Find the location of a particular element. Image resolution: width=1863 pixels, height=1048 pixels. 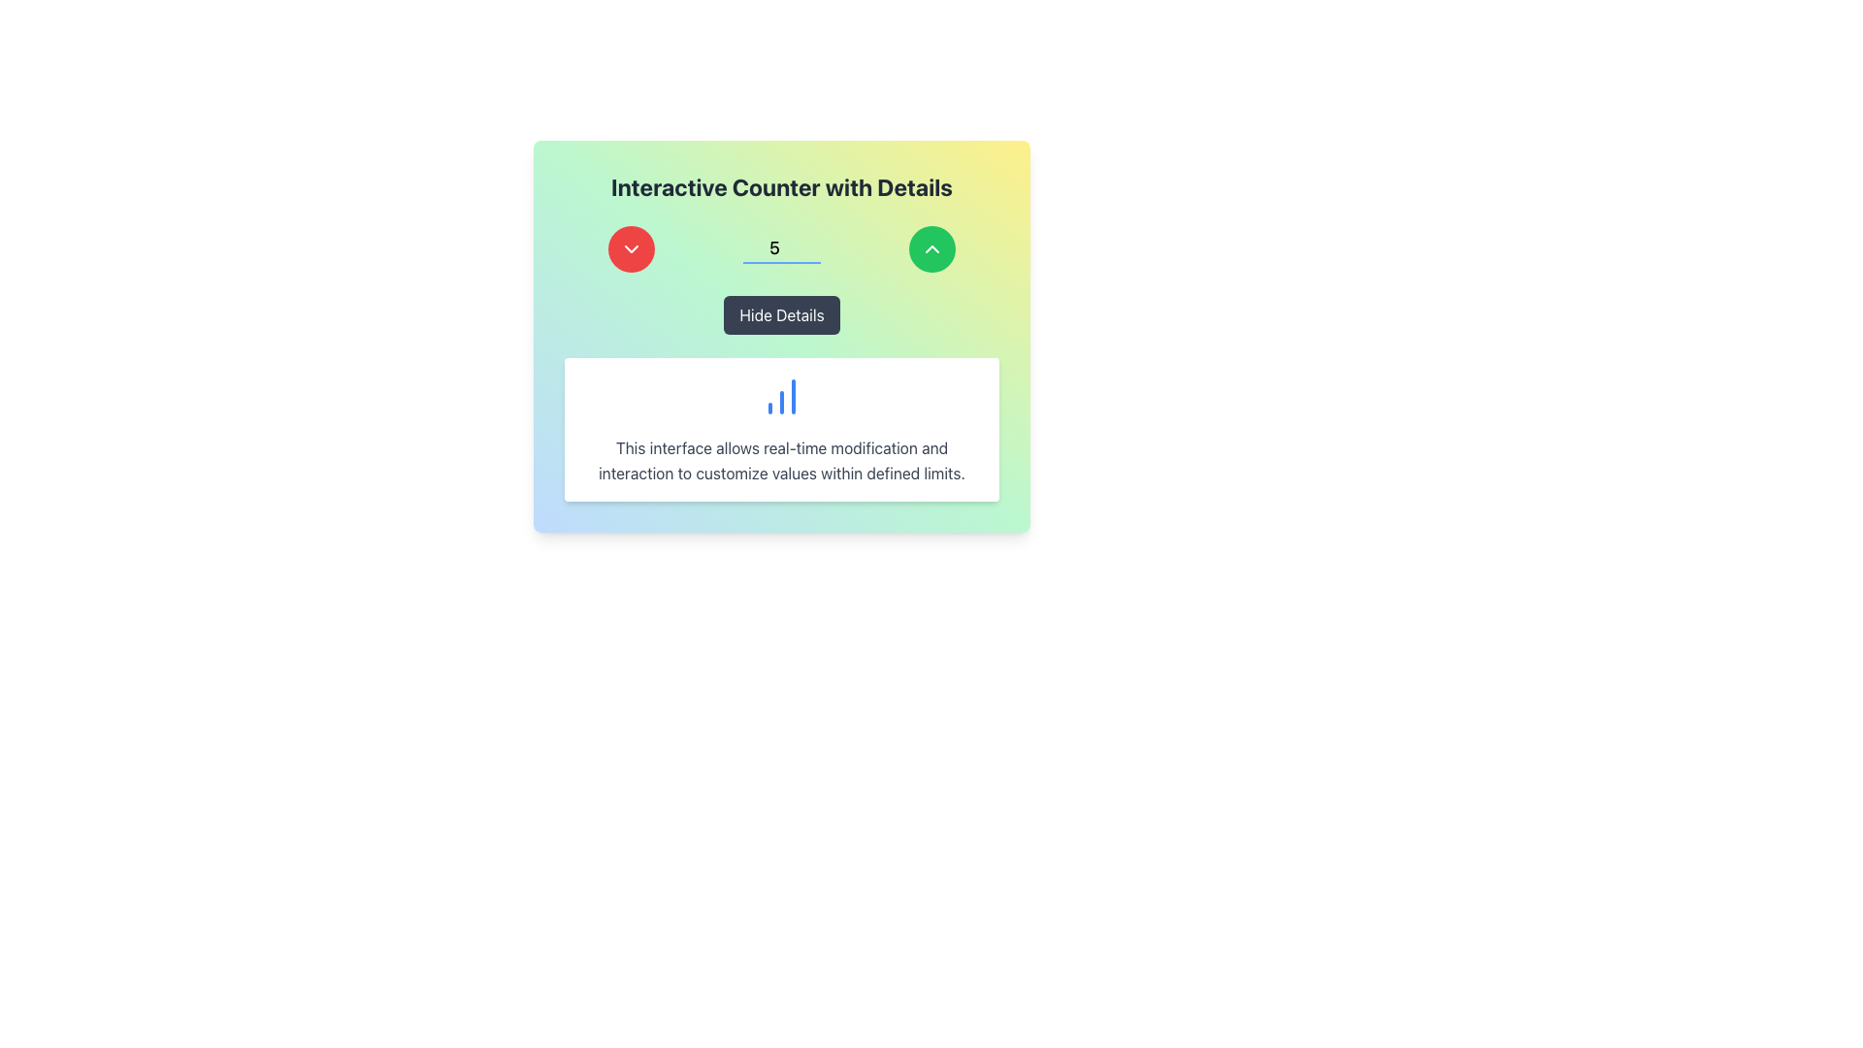

the circular green button with a white upward-pointing chevron icon to increment a value is located at coordinates (931, 248).